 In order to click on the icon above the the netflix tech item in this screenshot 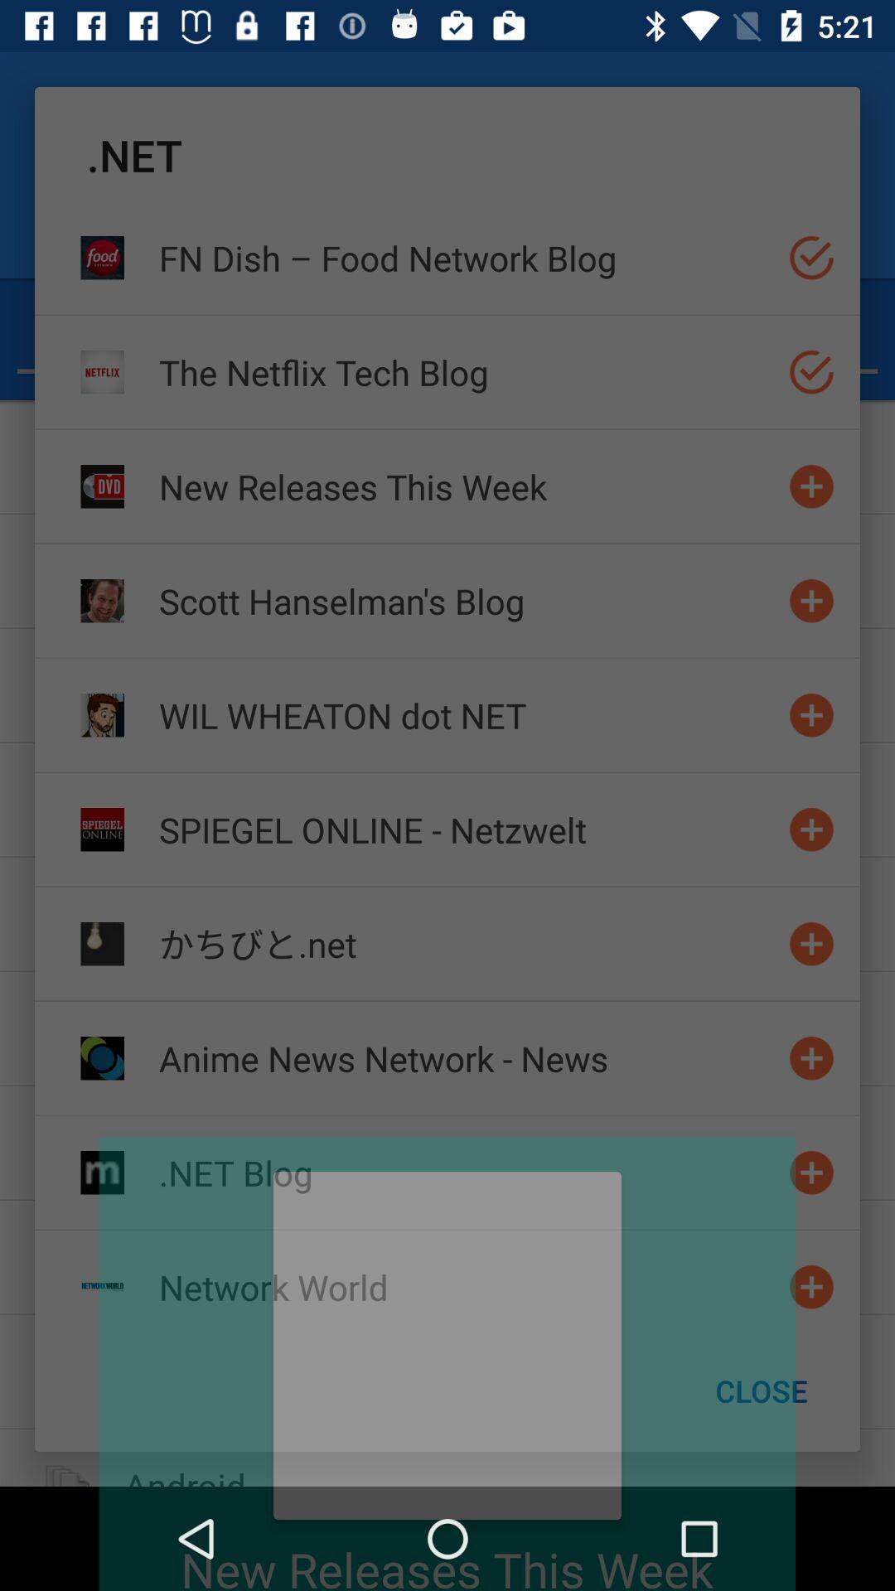, I will do `click(467, 257)`.